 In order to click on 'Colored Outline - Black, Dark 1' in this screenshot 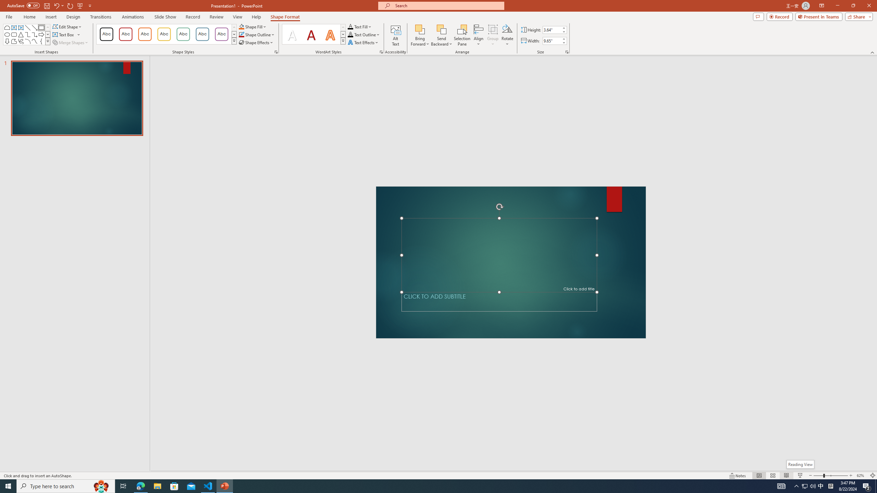, I will do `click(106, 34)`.